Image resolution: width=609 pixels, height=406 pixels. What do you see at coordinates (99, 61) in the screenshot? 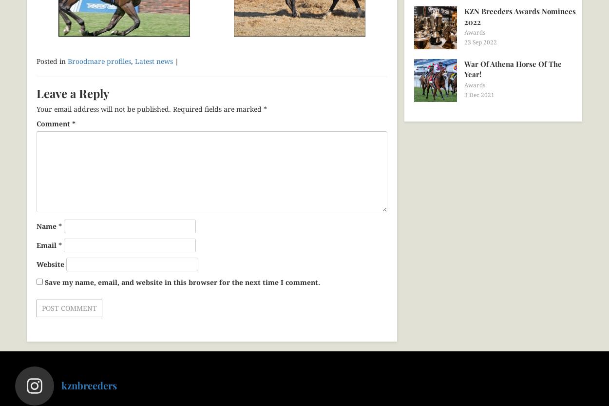
I see `'Broodmare profiles'` at bounding box center [99, 61].